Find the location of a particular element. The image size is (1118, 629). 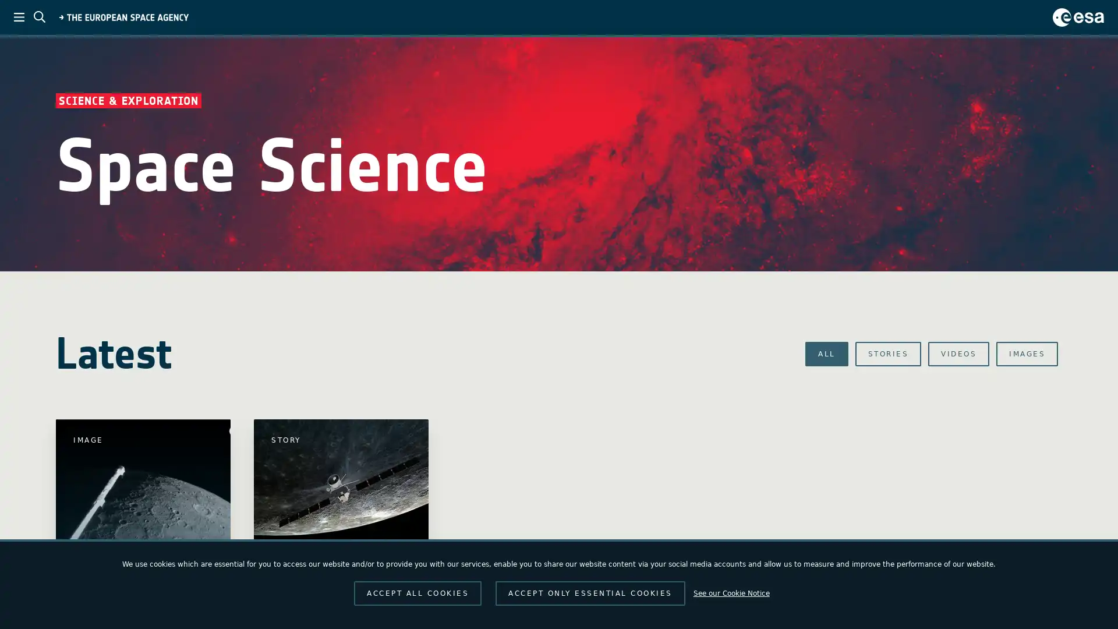

STORIES is located at coordinates (887, 352).